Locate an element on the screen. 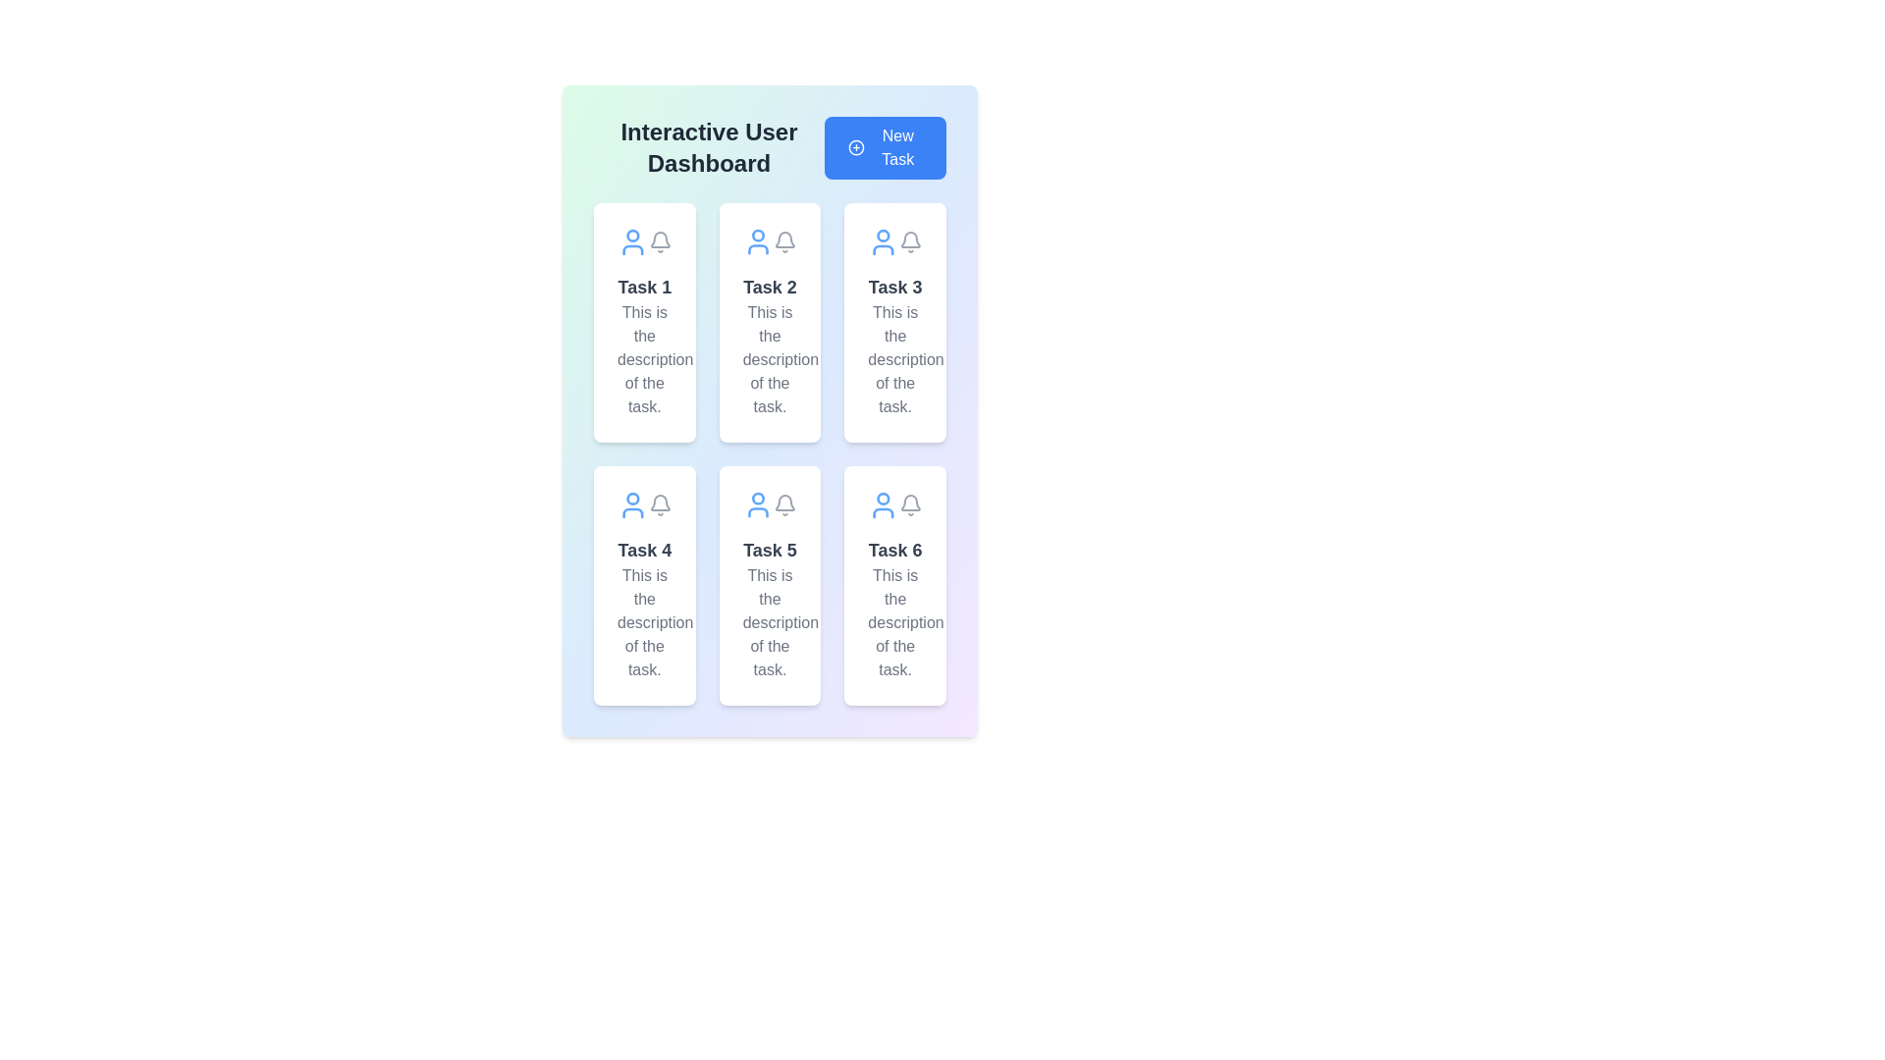 This screenshot has width=1885, height=1060. the gray bell icon indicating notifications located in the second column under 'Task 2' is located at coordinates (785, 240).